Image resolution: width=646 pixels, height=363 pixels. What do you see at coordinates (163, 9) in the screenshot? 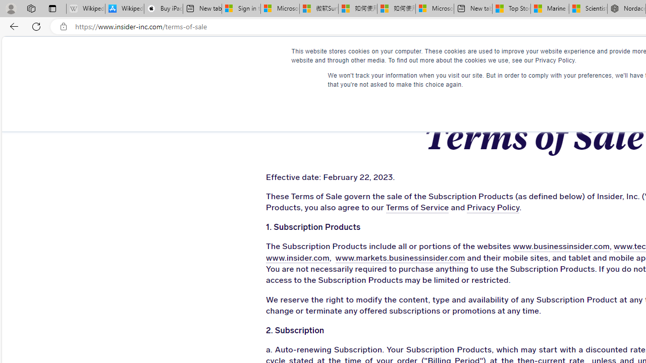
I see `'Buy iPad - Apple'` at bounding box center [163, 9].